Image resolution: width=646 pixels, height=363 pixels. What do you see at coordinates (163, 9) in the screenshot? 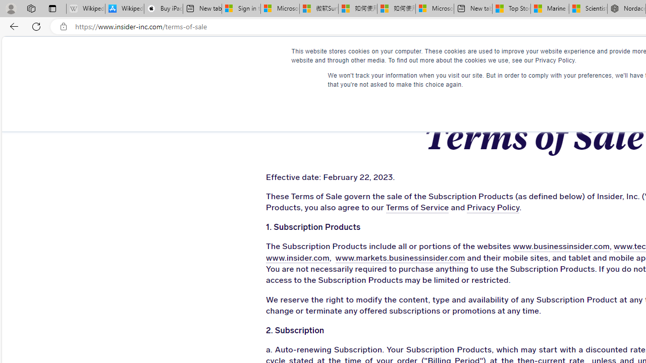
I see `'Buy iPad - Apple'` at bounding box center [163, 9].